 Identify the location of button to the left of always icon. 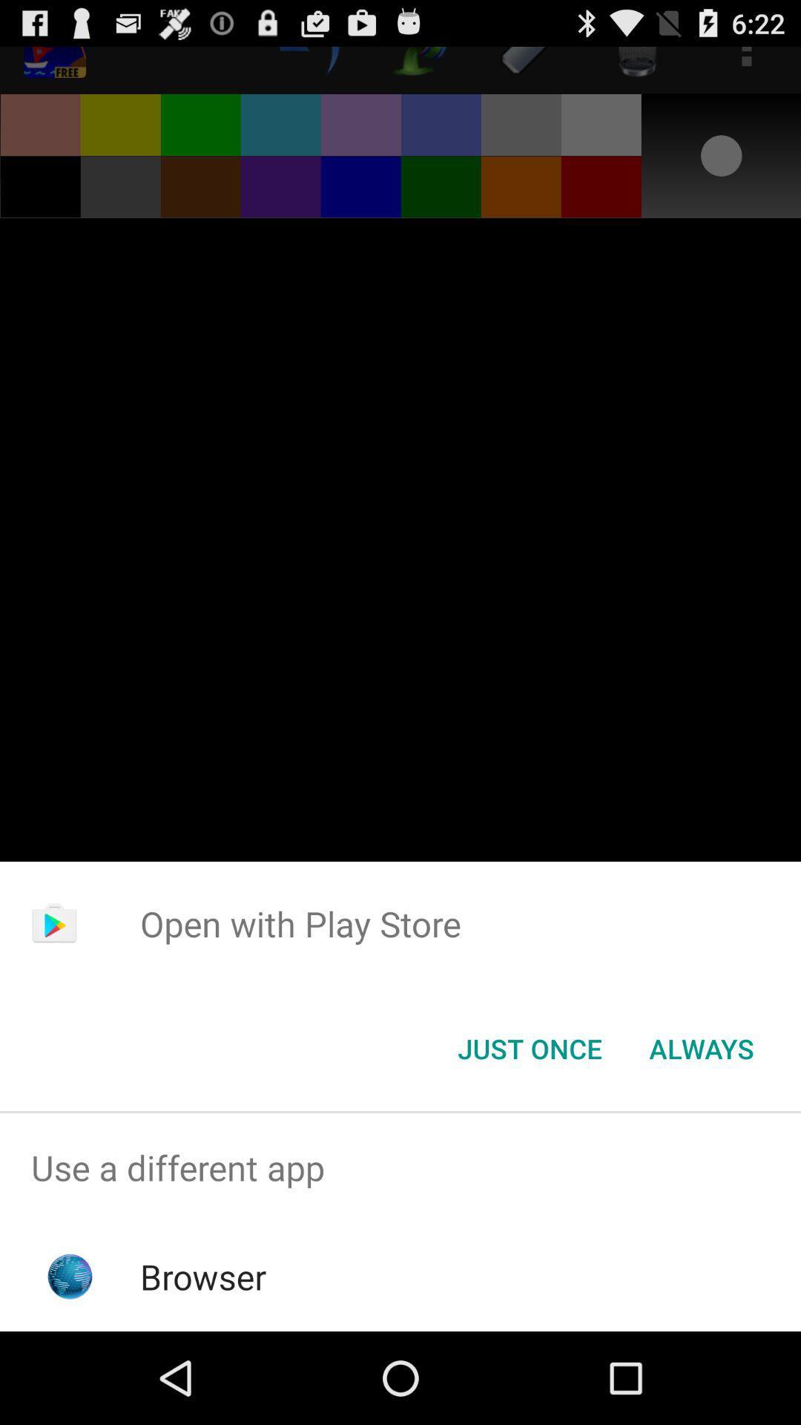
(529, 1047).